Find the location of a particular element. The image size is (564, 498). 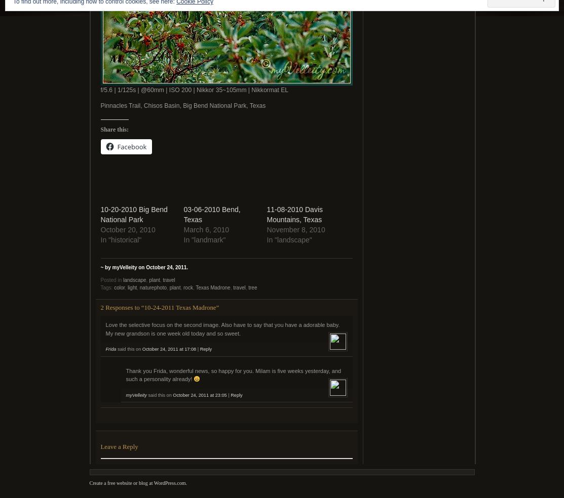

'Frida' is located at coordinates (105, 349).